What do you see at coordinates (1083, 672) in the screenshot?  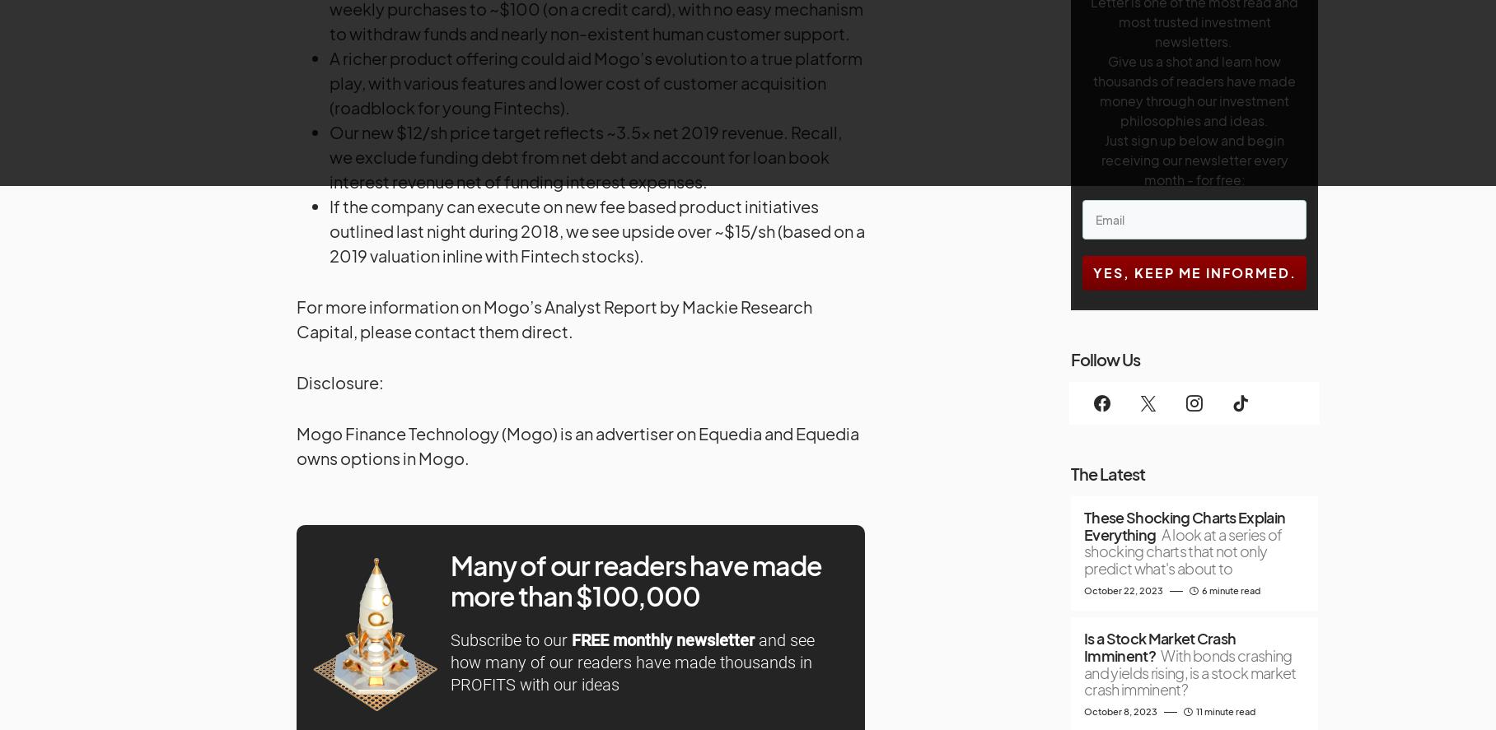 I see `'With bonds crashing and yields rising, is a stock market crash imminent?'` at bounding box center [1083, 672].